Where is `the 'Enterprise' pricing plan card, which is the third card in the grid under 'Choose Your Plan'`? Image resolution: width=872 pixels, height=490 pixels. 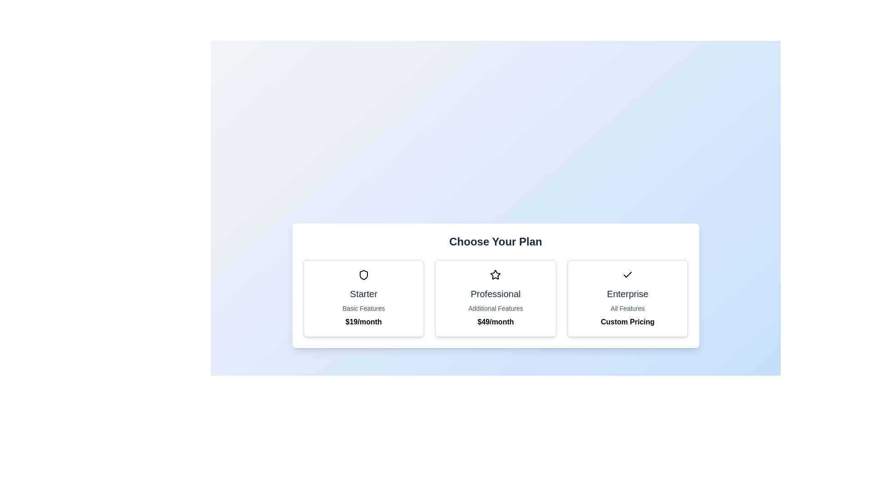 the 'Enterprise' pricing plan card, which is the third card in the grid under 'Choose Your Plan' is located at coordinates (627, 299).